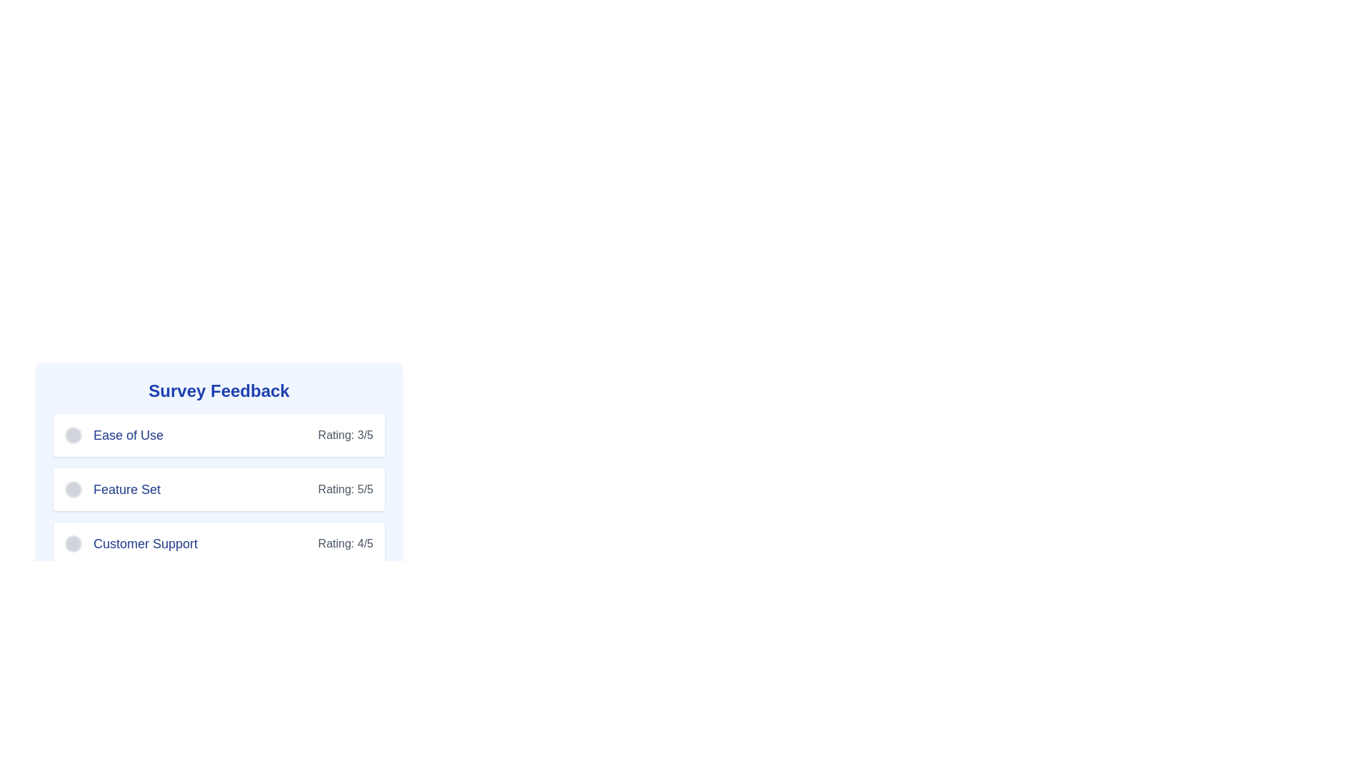  What do you see at coordinates (146, 544) in the screenshot?
I see `the 'Customer Support' text label element, which is the third item under the 'Survey Feedback' section, styled in dark blue and bold font` at bounding box center [146, 544].